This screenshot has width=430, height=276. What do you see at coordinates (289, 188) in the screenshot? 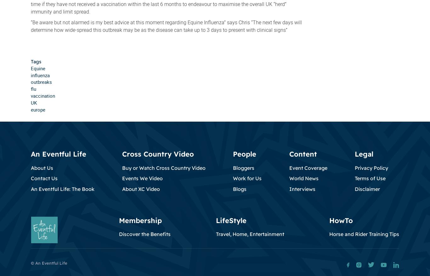
I see `'Interviews'` at bounding box center [289, 188].